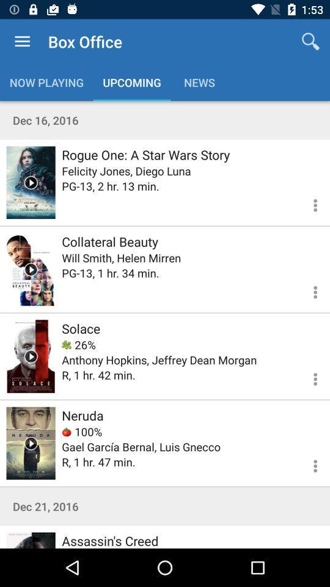  What do you see at coordinates (31, 539) in the screenshot?
I see `release date or upcoming video on assassin 's creed` at bounding box center [31, 539].